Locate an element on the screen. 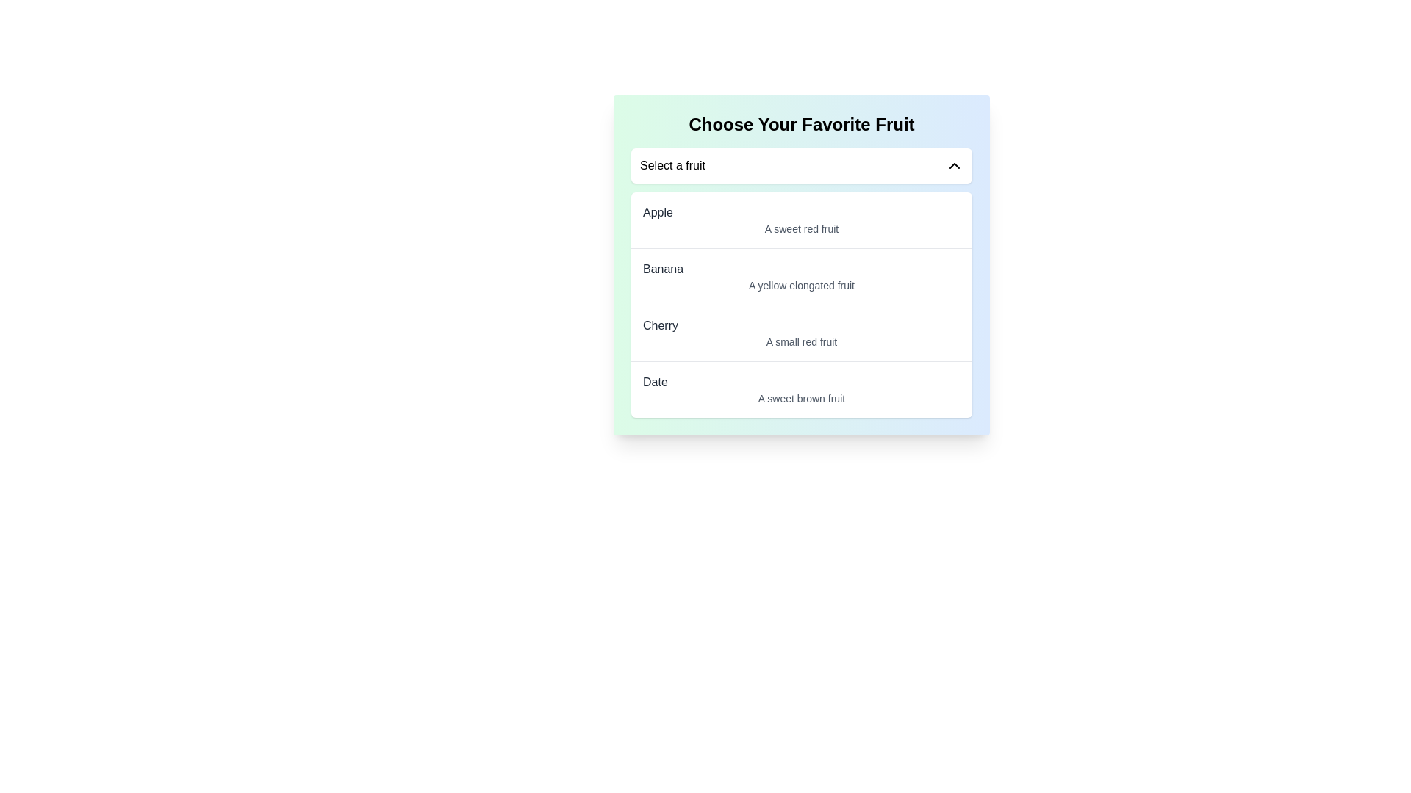 This screenshot has height=793, width=1411. the text label 'Cherry' from the third option of the selection list 'Choose Your Favorite Fruit' is located at coordinates (800, 325).